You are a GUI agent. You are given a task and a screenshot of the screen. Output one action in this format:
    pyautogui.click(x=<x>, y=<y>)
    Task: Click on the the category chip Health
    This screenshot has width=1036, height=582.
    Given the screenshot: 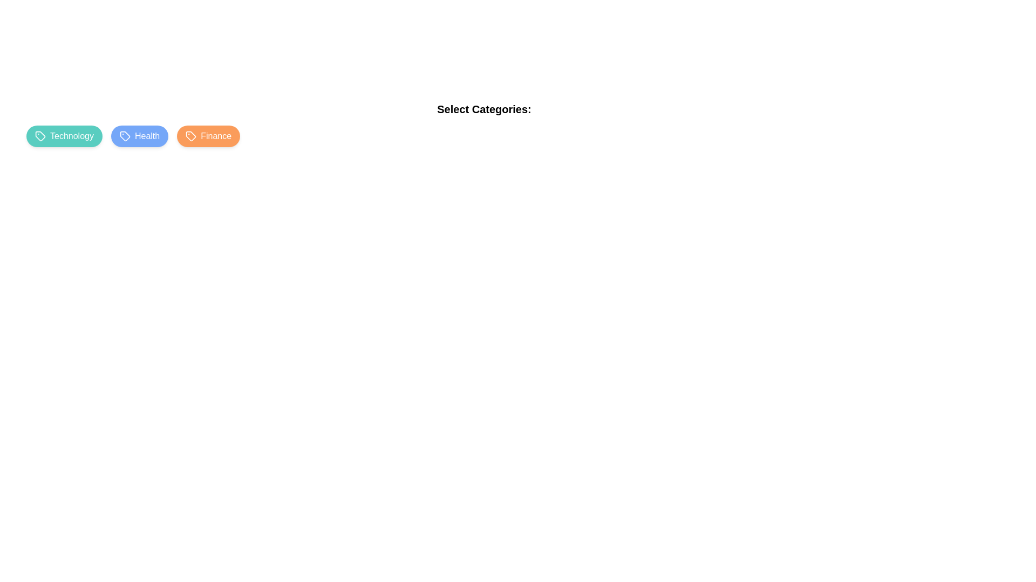 What is the action you would take?
    pyautogui.click(x=139, y=136)
    